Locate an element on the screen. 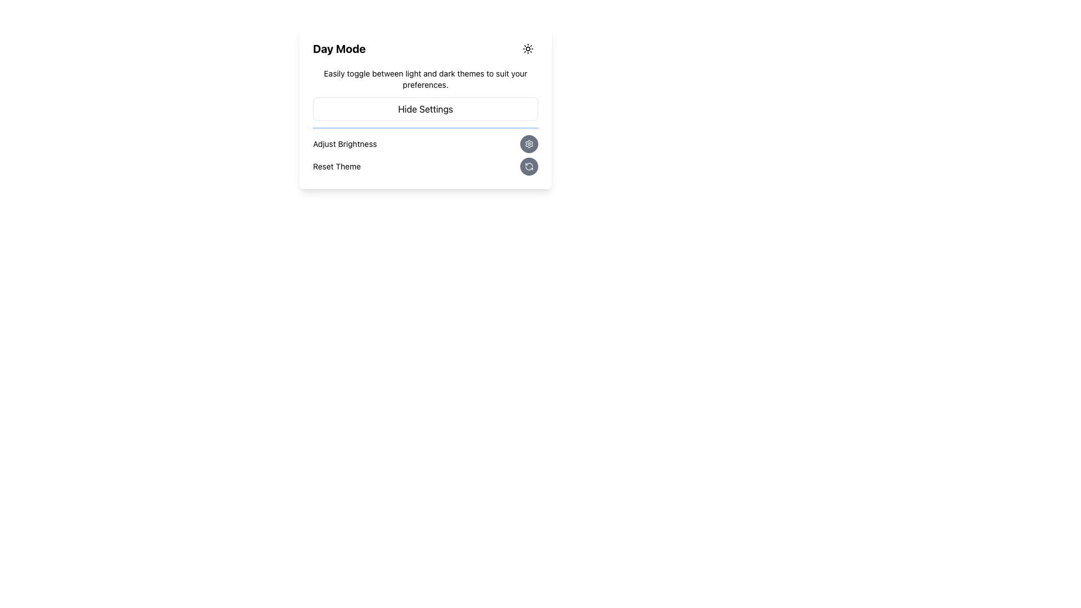 This screenshot has height=608, width=1081. text paragraph stating 'Easily toggle between light and dark themes to suit your preferences.' which is located in the settings panel below the 'Day Mode' header and above the 'Hide Settings' button is located at coordinates (425, 79).